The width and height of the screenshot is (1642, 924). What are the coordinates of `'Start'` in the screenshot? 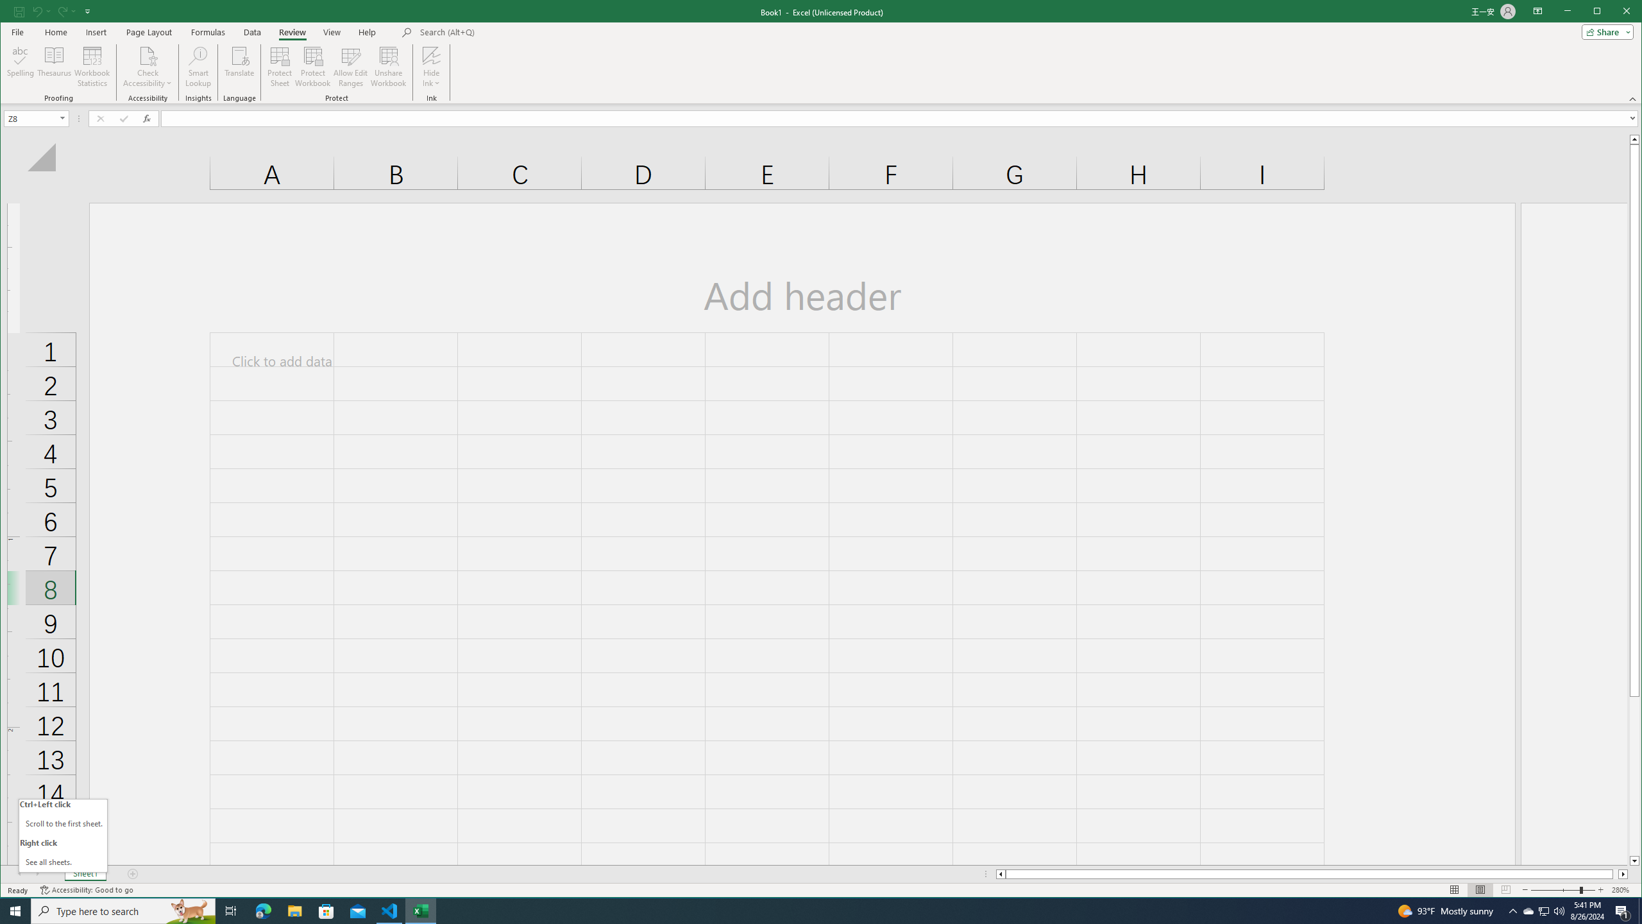 It's located at (15, 910).